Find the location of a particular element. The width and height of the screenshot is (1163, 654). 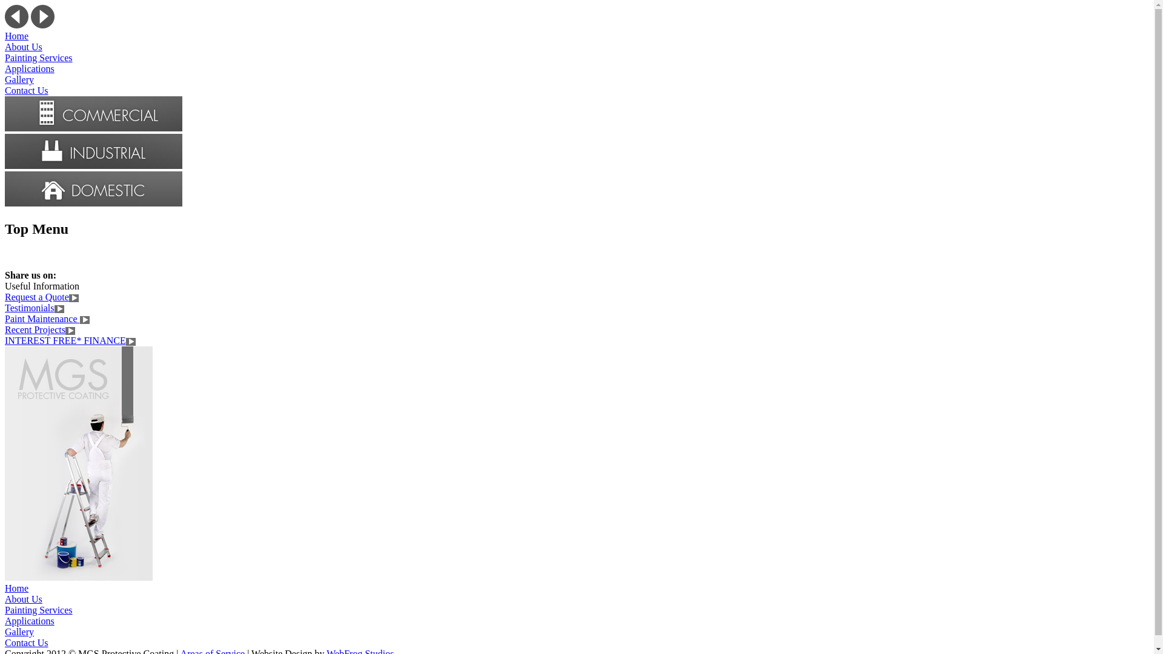

'Paint Maintenance' is located at coordinates (5, 318).